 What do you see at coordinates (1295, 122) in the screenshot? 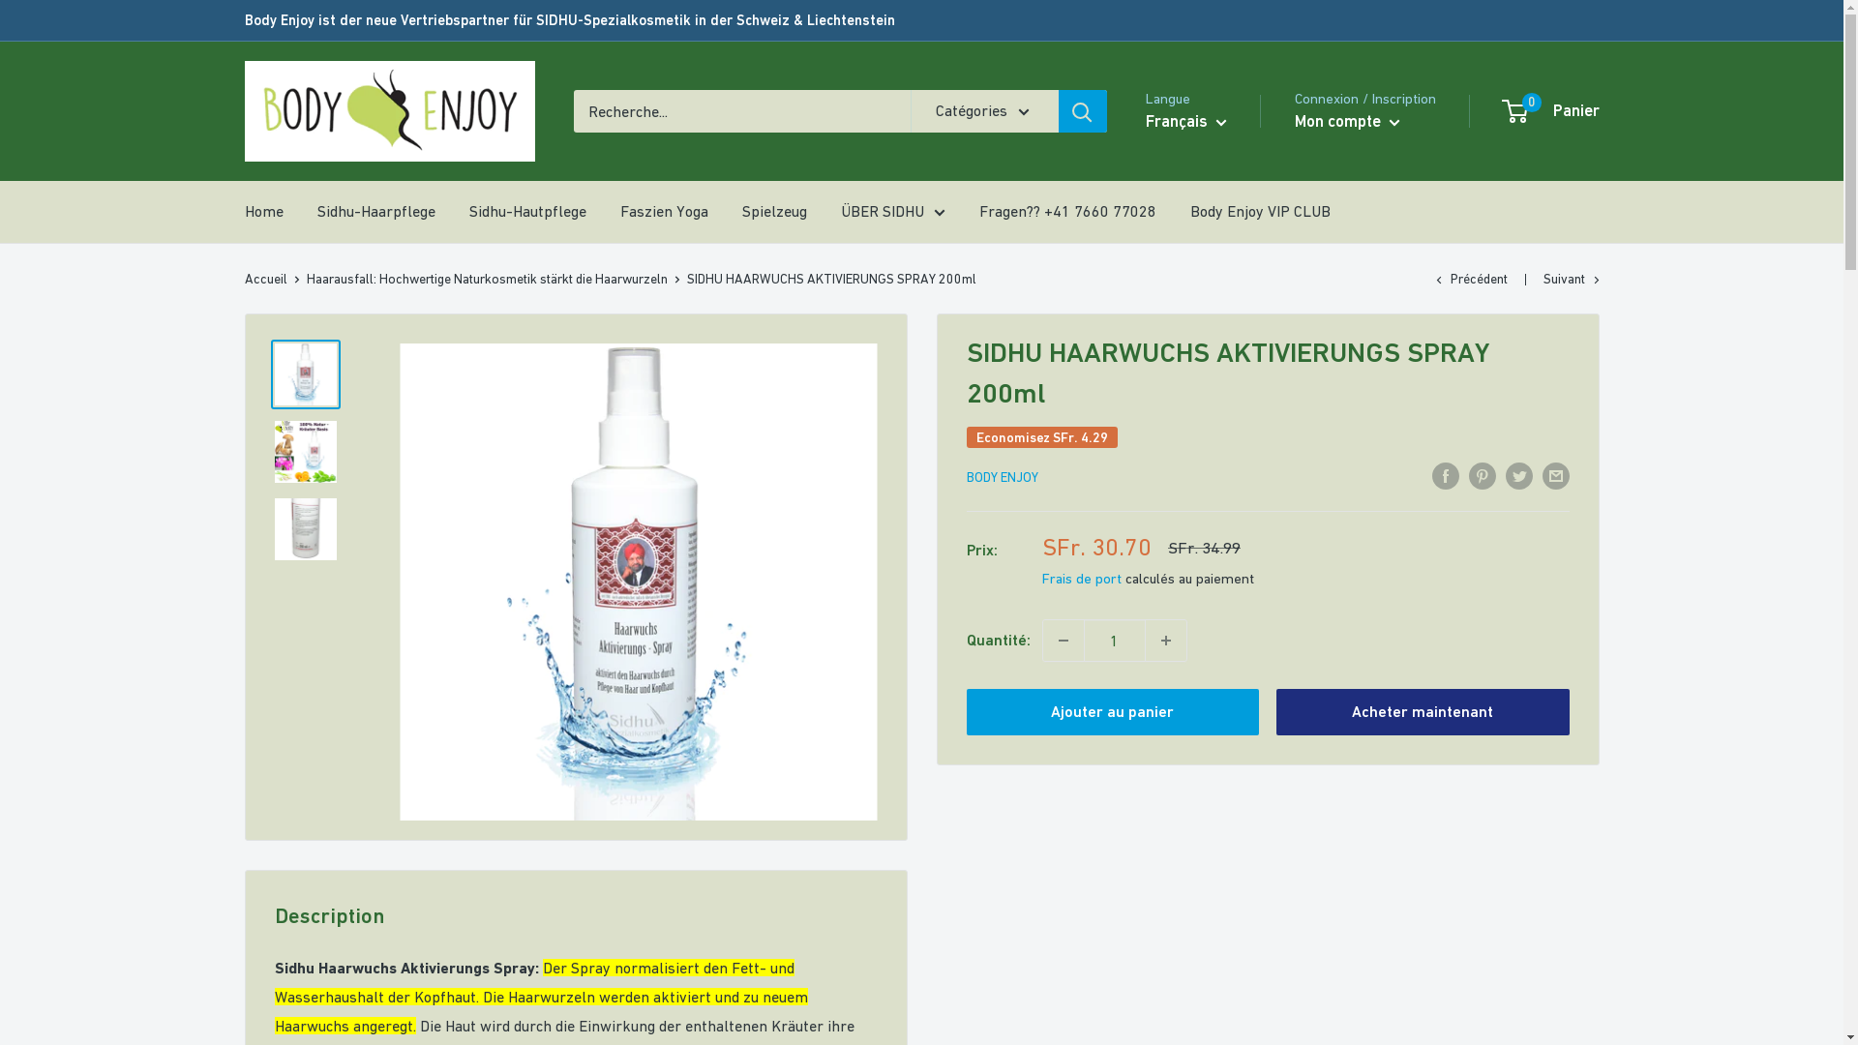
I see `'Mon compte'` at bounding box center [1295, 122].